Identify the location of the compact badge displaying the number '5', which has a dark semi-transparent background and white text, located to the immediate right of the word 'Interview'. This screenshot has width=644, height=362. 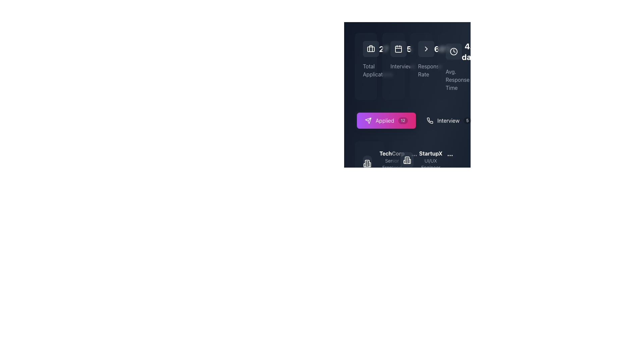
(467, 120).